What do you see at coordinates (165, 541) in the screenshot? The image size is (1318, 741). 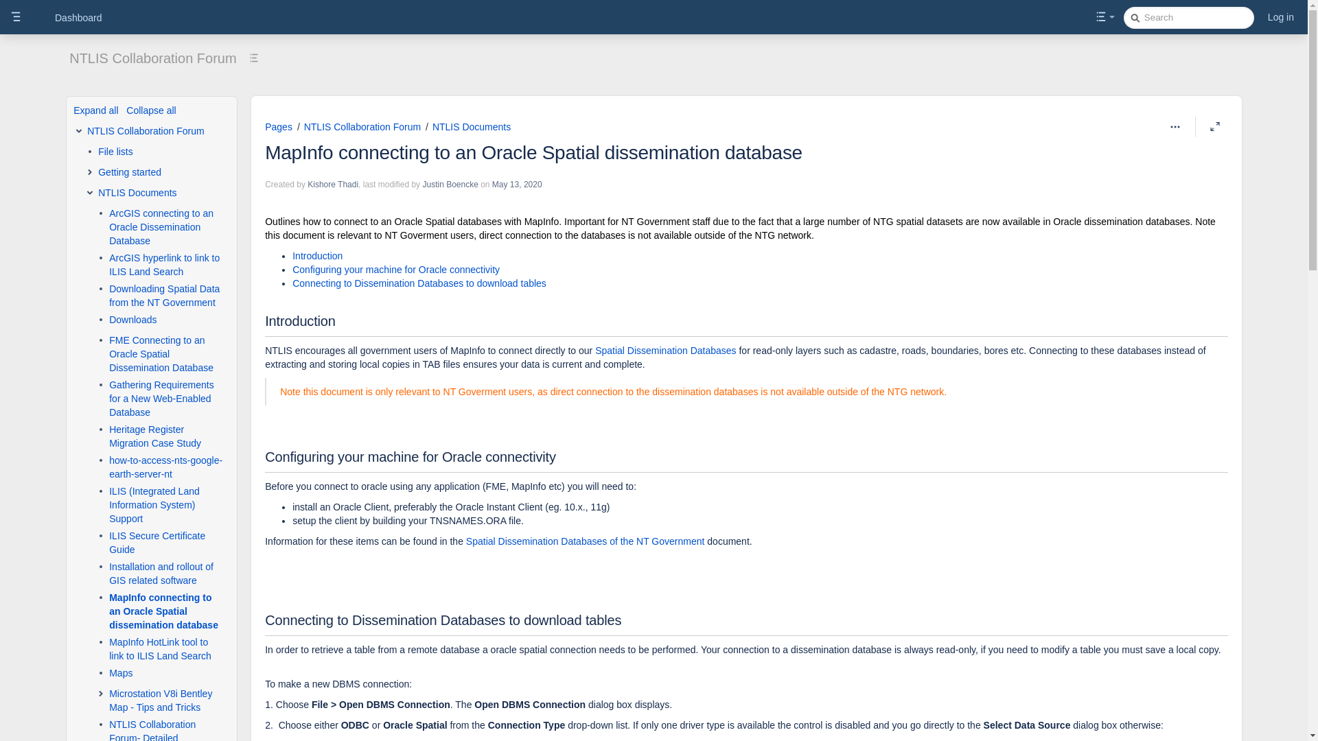 I see `'ILIS Secure Certificate Guide'` at bounding box center [165, 541].